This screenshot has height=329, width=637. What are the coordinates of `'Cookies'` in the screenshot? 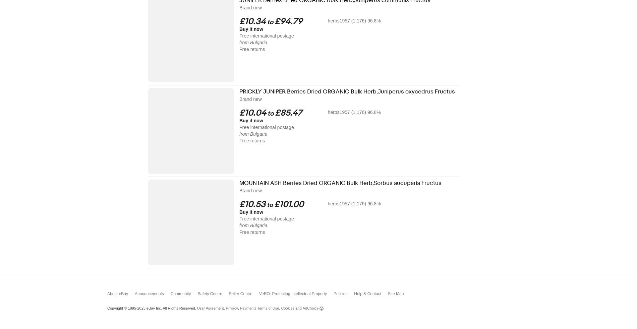 It's located at (281, 308).